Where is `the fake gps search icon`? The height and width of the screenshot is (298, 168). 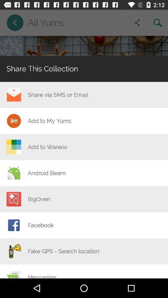 the fake gps search icon is located at coordinates (63, 251).